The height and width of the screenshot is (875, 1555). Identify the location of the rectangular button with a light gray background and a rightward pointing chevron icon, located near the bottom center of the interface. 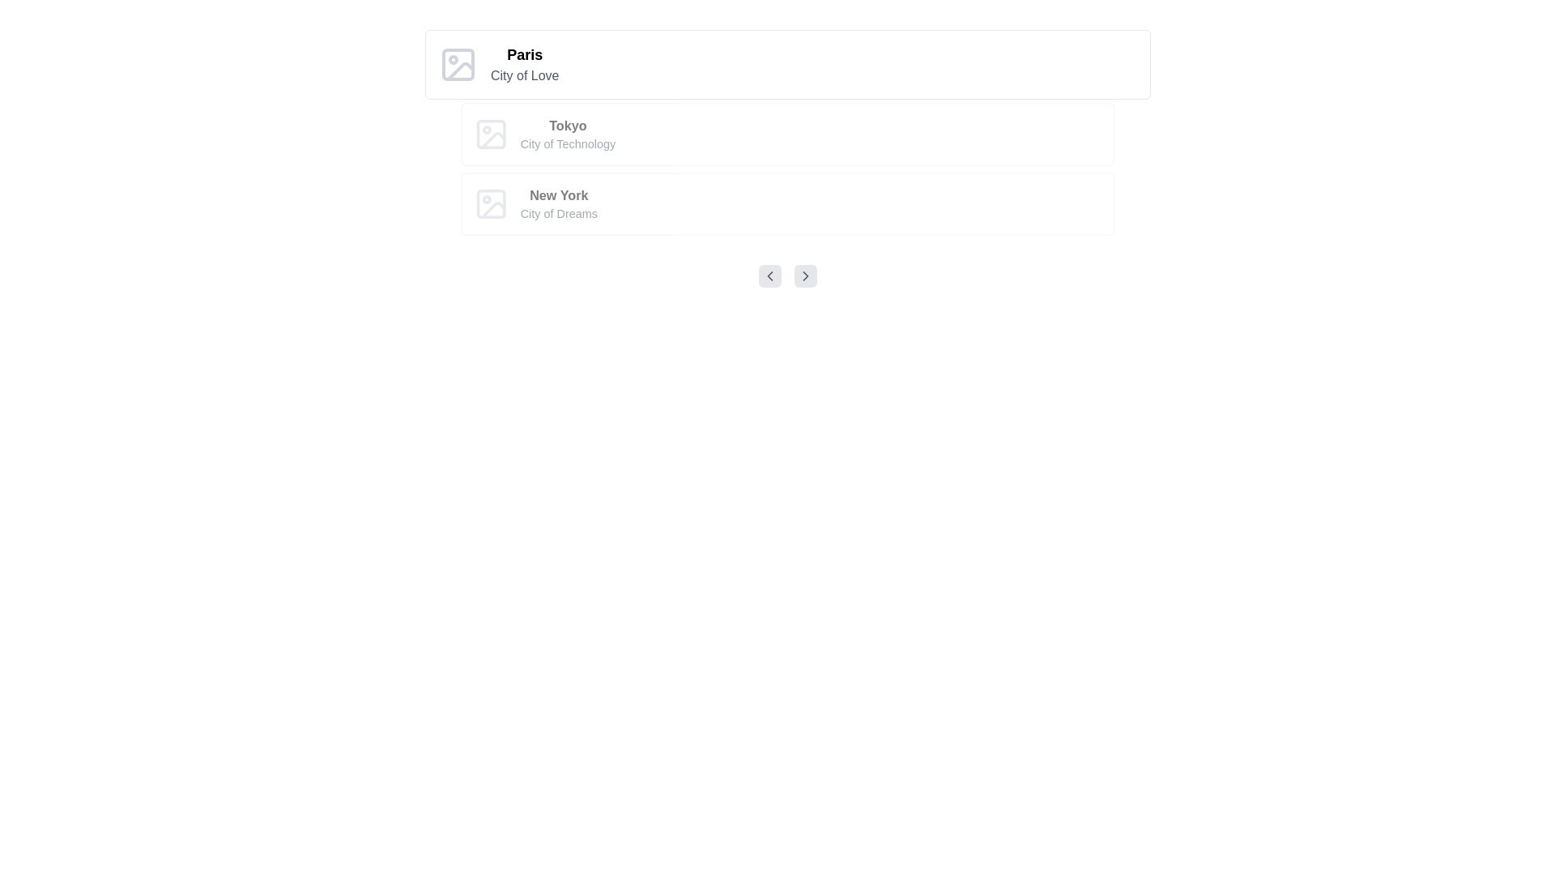
(805, 275).